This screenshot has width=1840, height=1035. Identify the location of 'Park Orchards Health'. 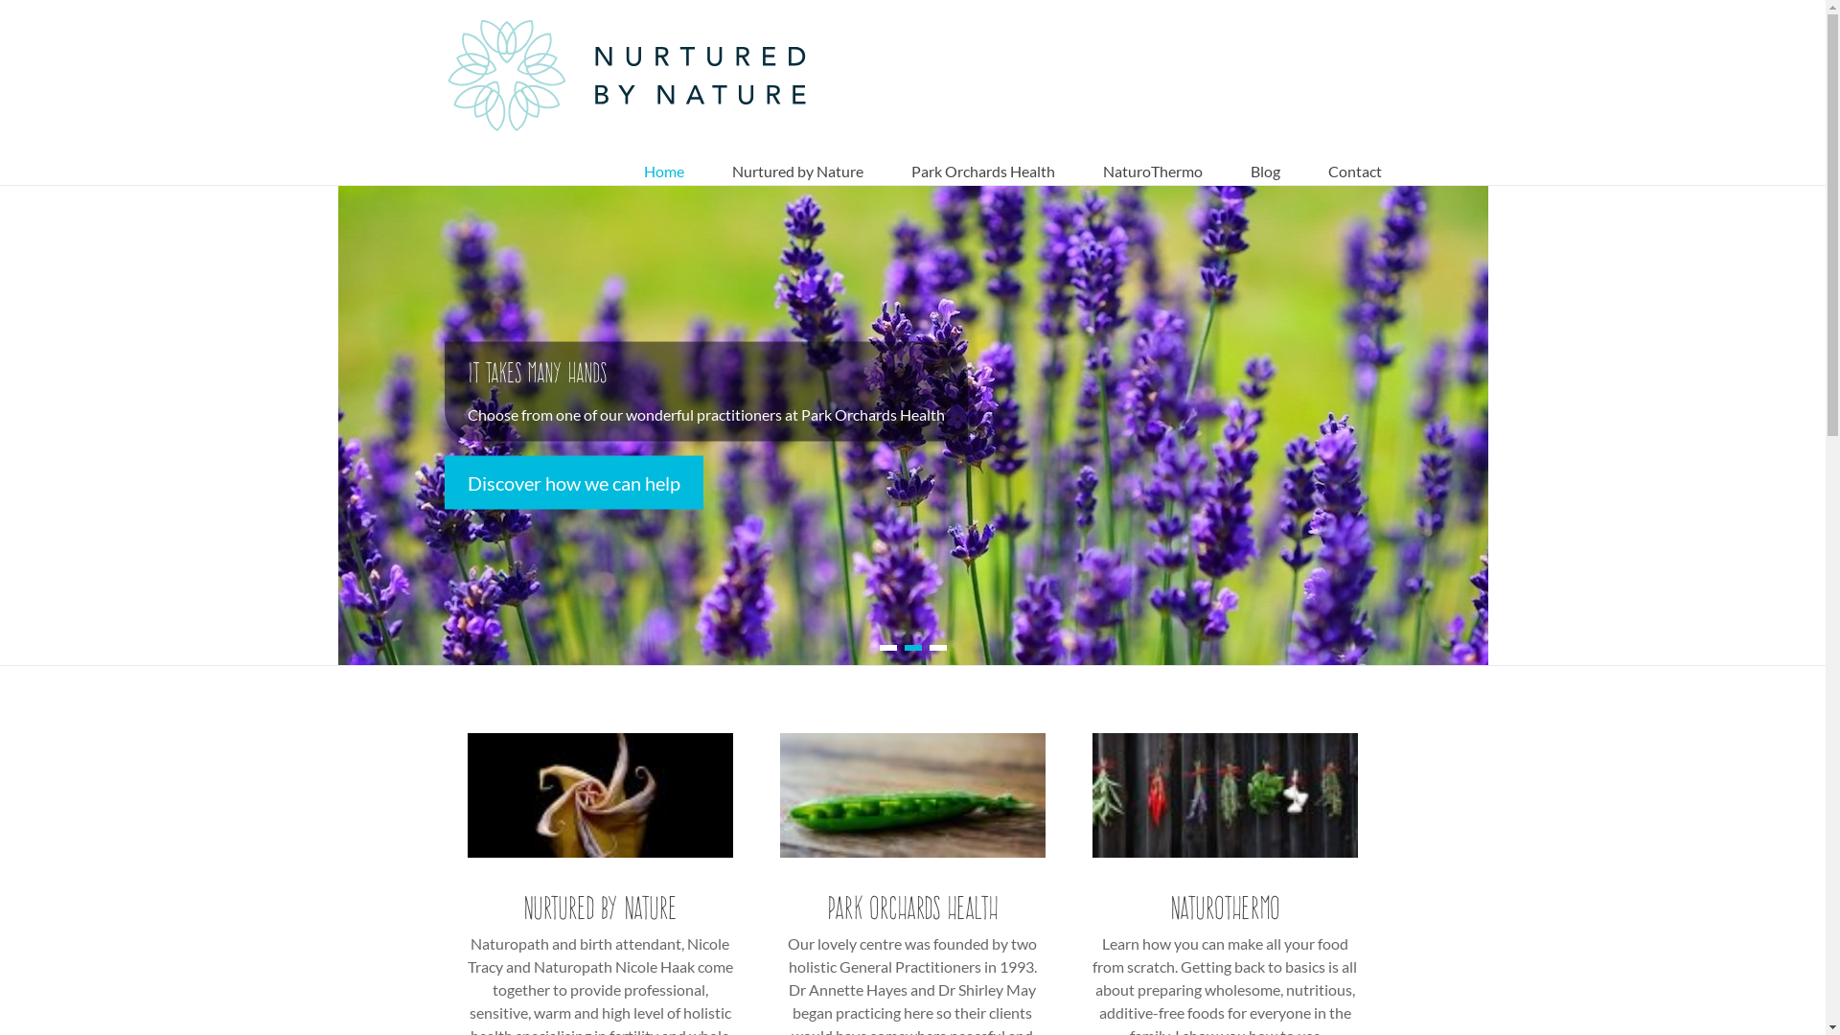
(910, 907).